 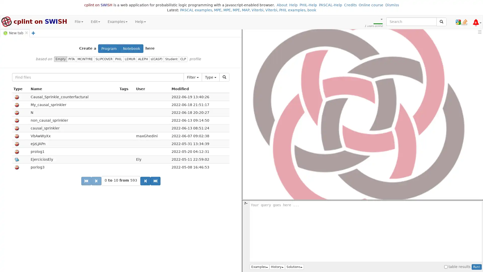 What do you see at coordinates (294, 267) in the screenshot?
I see `Solutions` at bounding box center [294, 267].